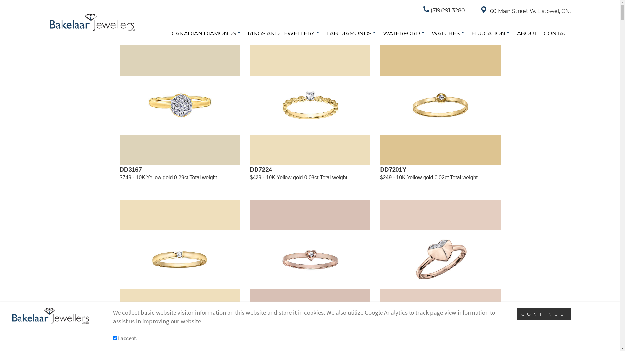 The width and height of the screenshot is (625, 351). What do you see at coordinates (491, 33) in the screenshot?
I see `'EDUCATION'` at bounding box center [491, 33].